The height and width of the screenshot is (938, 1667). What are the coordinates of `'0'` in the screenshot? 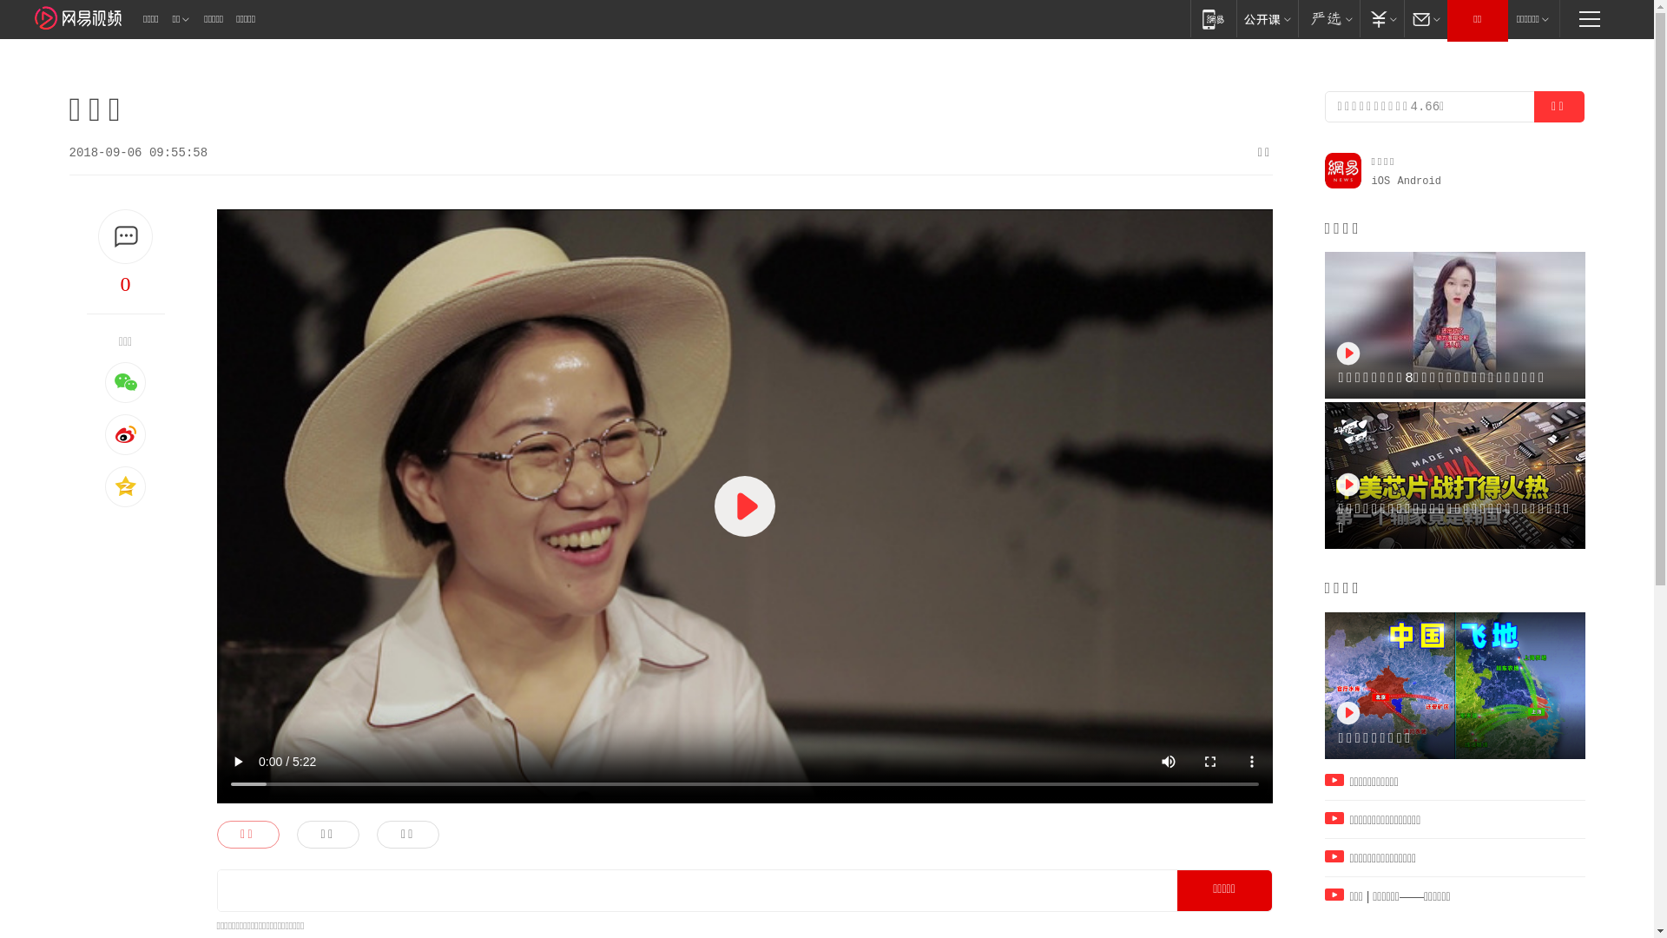 It's located at (124, 283).